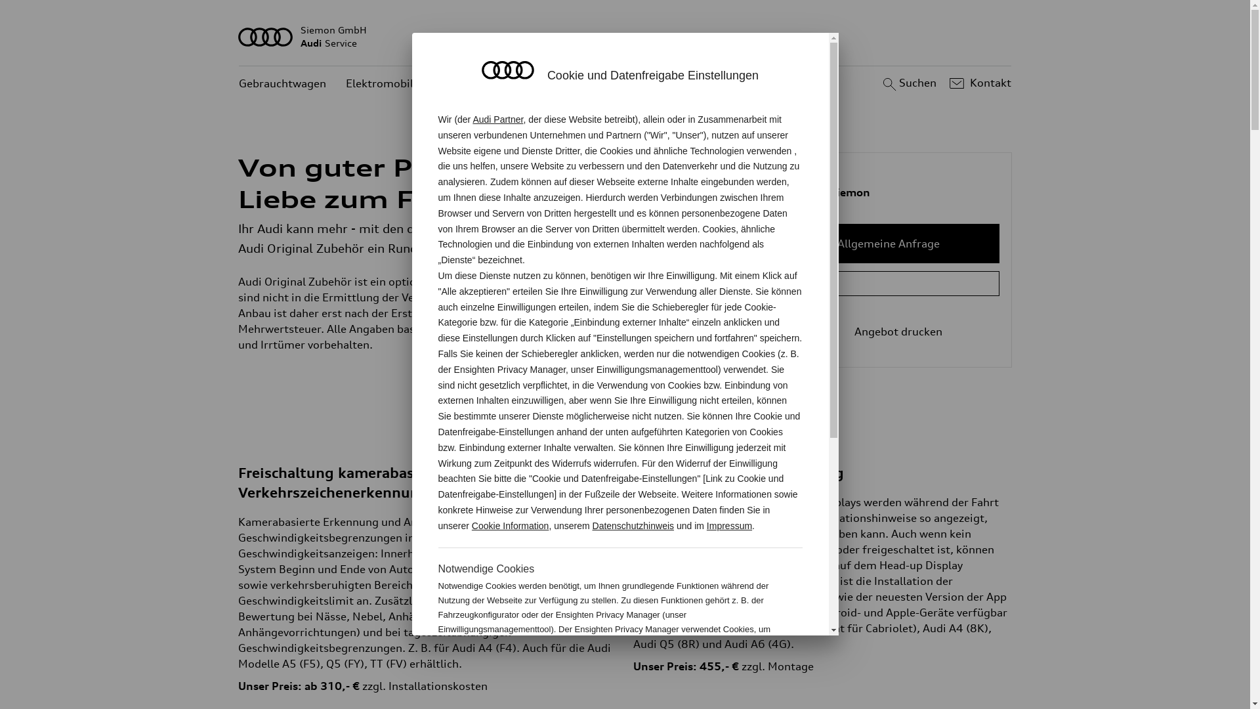 This screenshot has width=1260, height=709. I want to click on 'Angebot drucken', so click(888, 331).